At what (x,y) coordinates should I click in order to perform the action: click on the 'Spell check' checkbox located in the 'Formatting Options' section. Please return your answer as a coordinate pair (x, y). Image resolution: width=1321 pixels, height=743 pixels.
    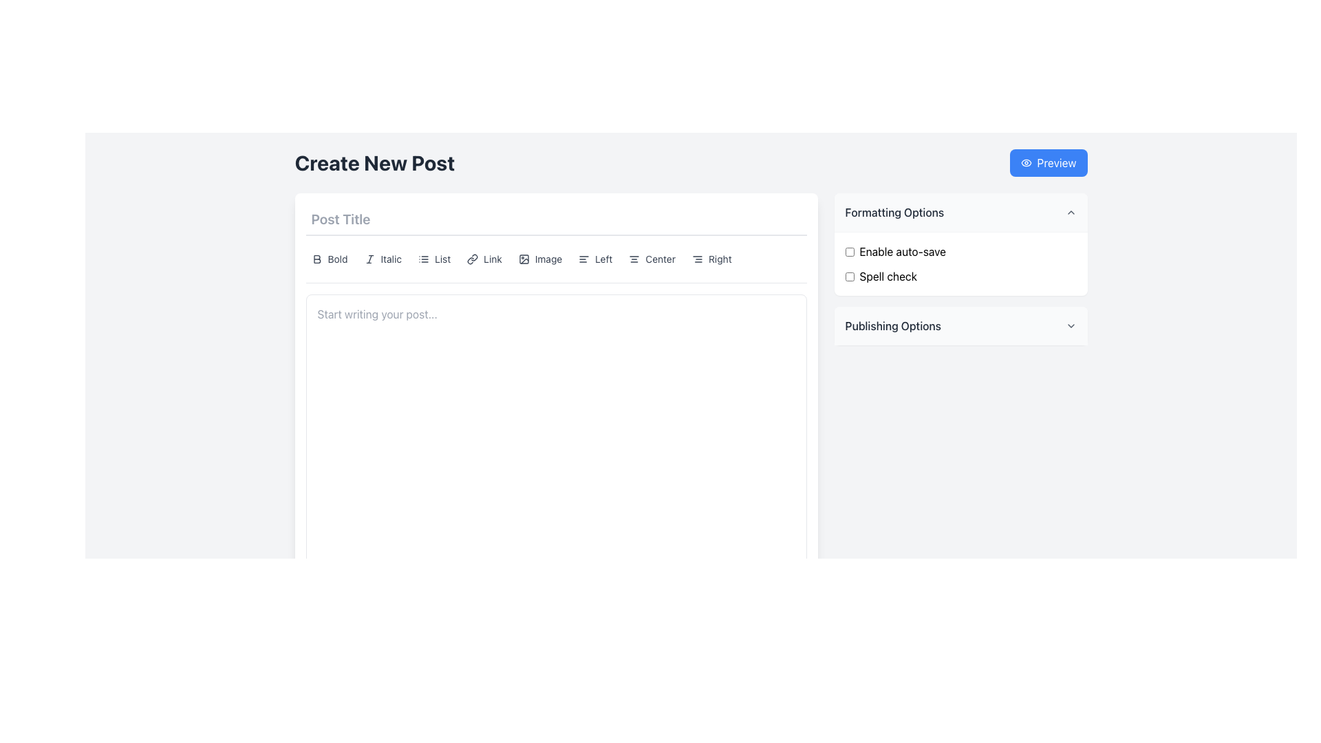
    Looking at the image, I should click on (960, 276).